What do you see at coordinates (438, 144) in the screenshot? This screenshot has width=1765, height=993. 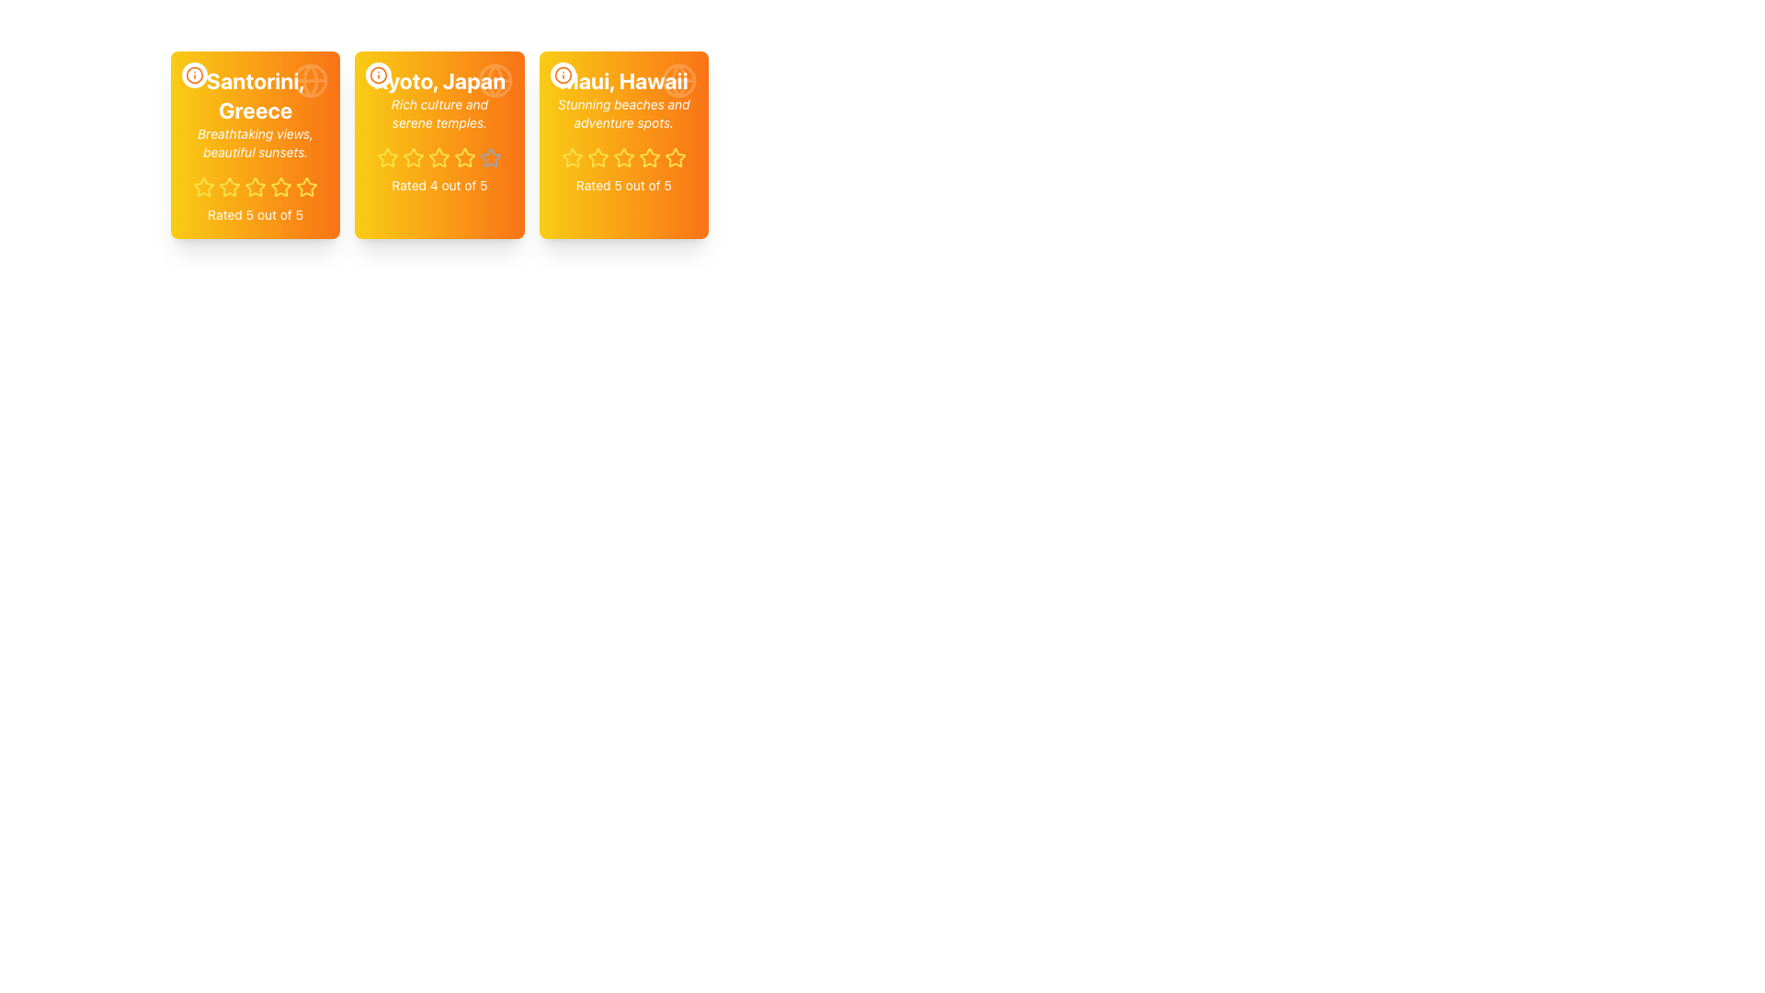 I see `the stars in the middle column of the card-like UI component to change the rating` at bounding box center [438, 144].